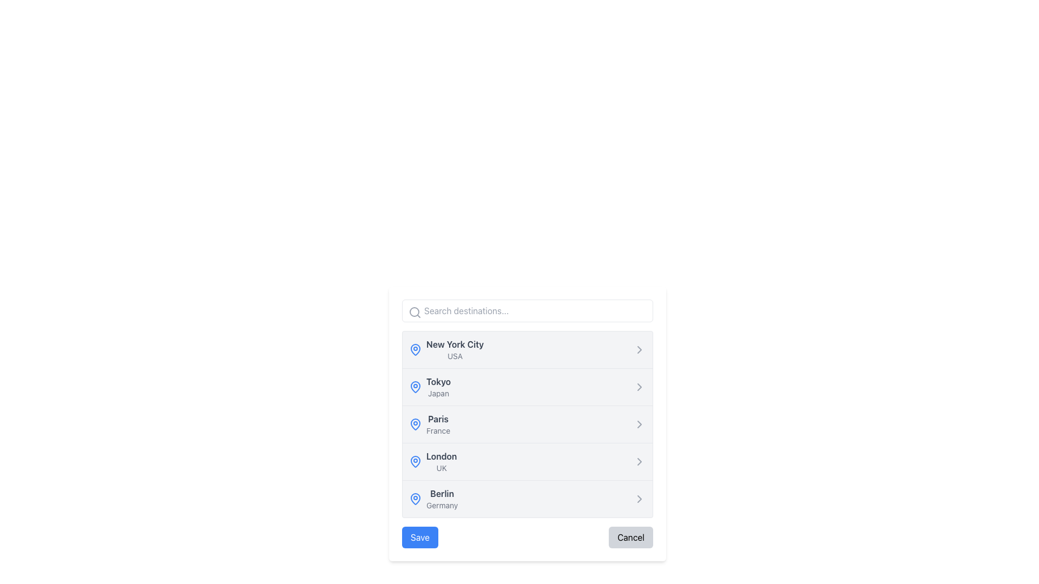  What do you see at coordinates (438, 419) in the screenshot?
I see `the text label representing the city 'Paris' in the list of selectable destinations` at bounding box center [438, 419].